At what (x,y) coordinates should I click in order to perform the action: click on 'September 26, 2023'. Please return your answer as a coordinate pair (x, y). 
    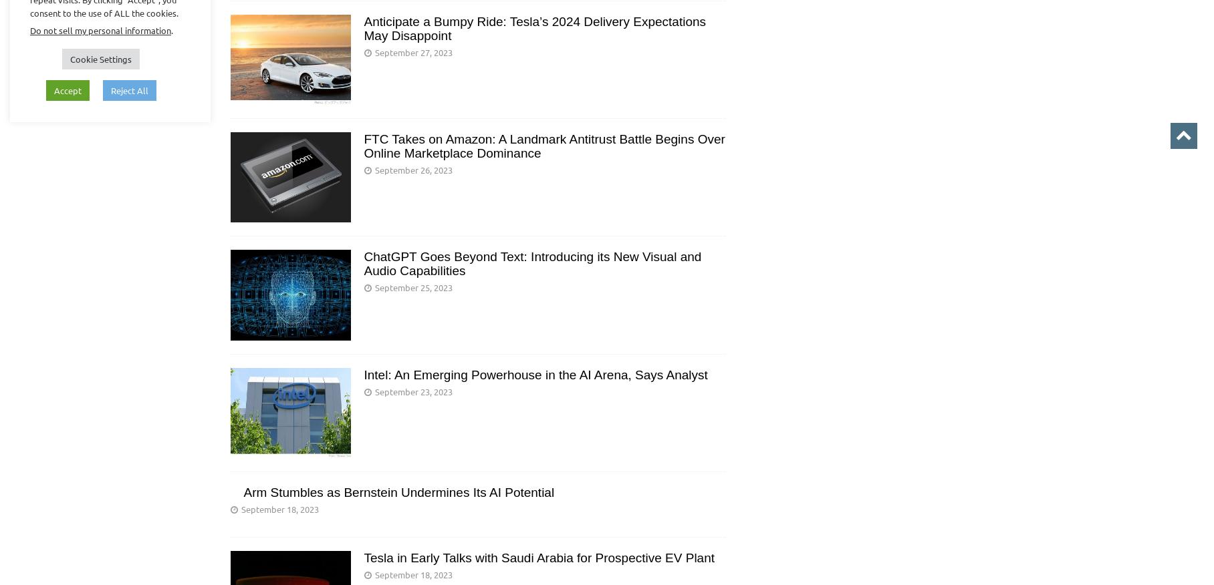
    Looking at the image, I should click on (412, 169).